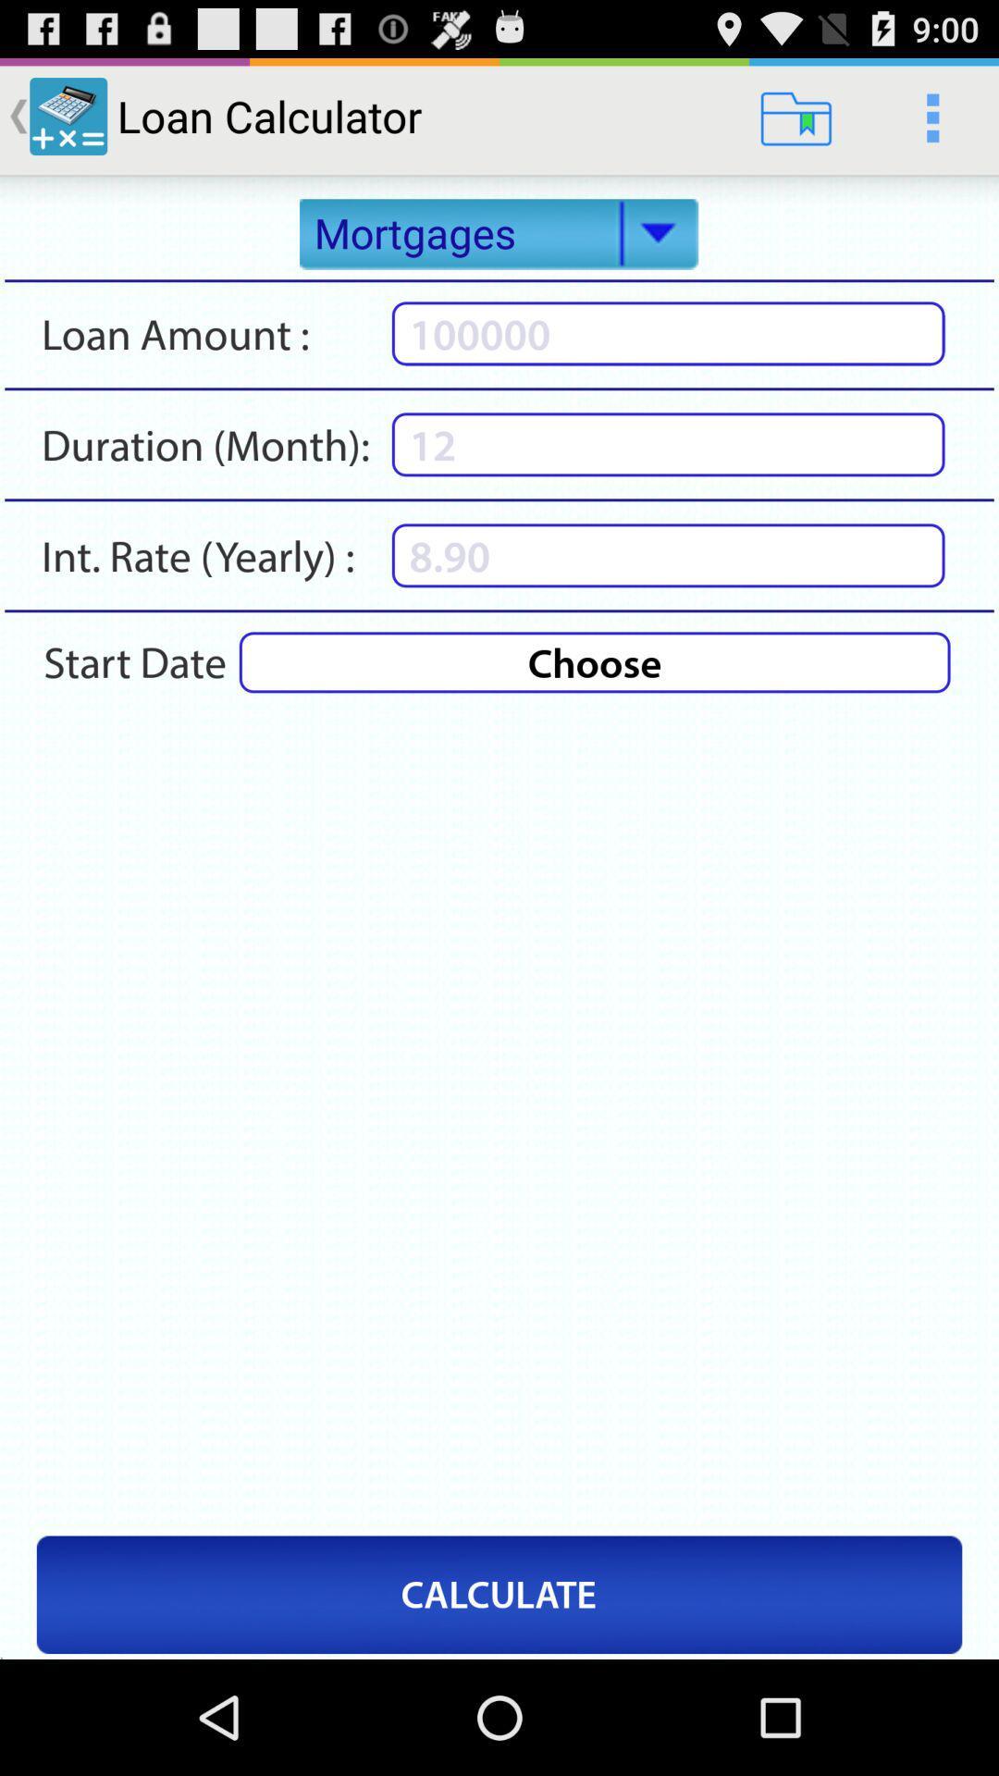  What do you see at coordinates (668, 333) in the screenshot?
I see `a numerical value` at bounding box center [668, 333].